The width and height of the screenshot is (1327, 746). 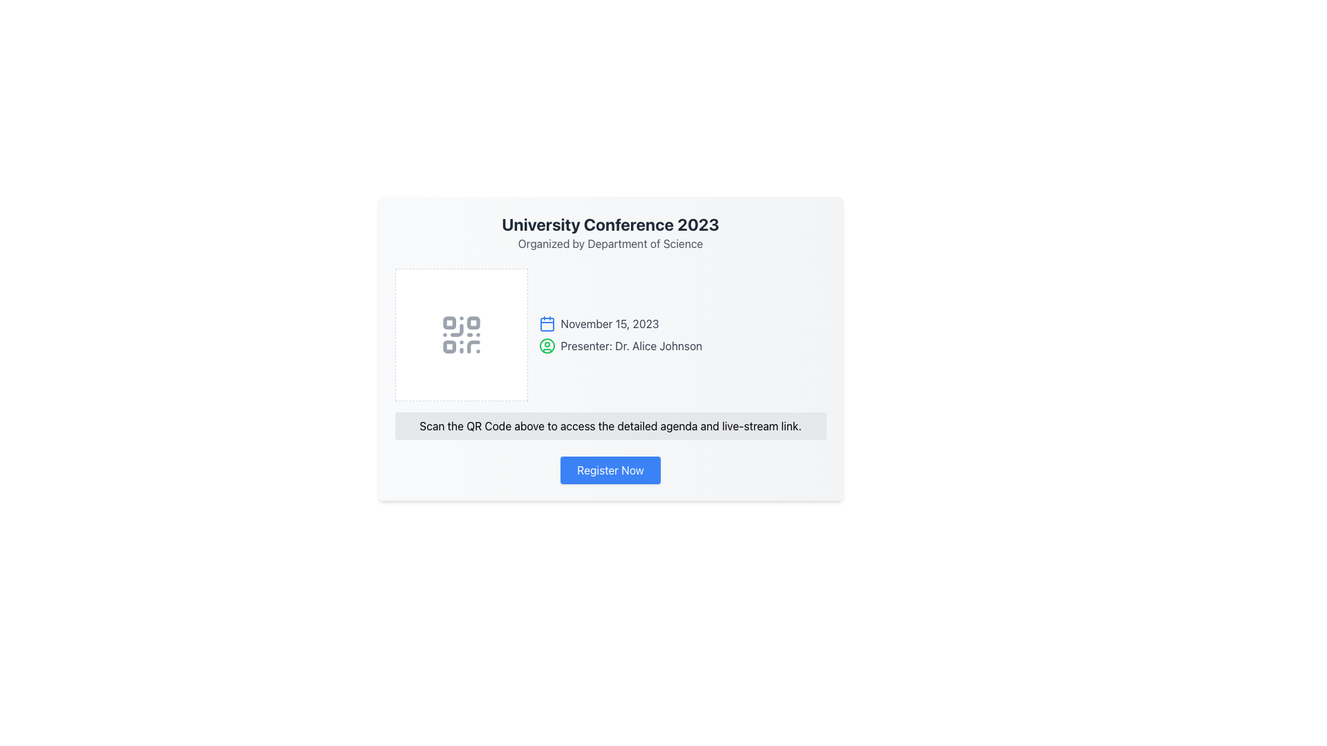 I want to click on the decorative user icon representing the presenter, located to the left of the text 'Presenter: Dr. Alice Johnson.', so click(x=546, y=345).